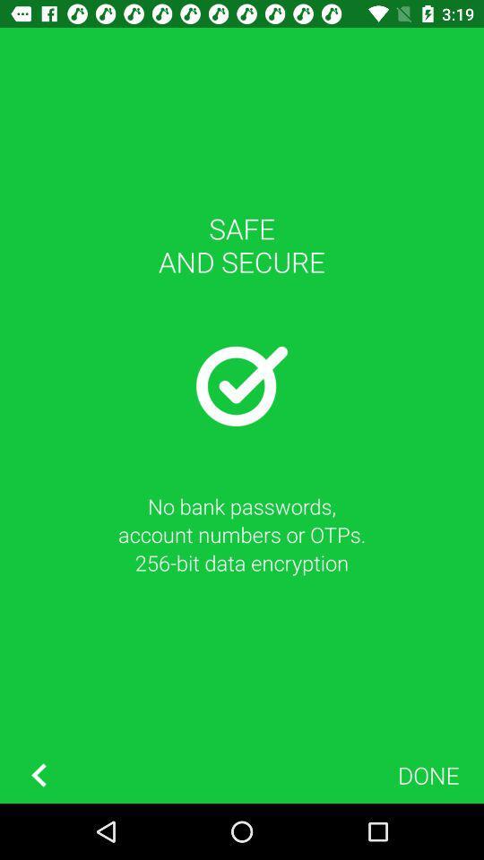 Image resolution: width=484 pixels, height=860 pixels. Describe the element at coordinates (39, 774) in the screenshot. I see `icon next to done item` at that location.